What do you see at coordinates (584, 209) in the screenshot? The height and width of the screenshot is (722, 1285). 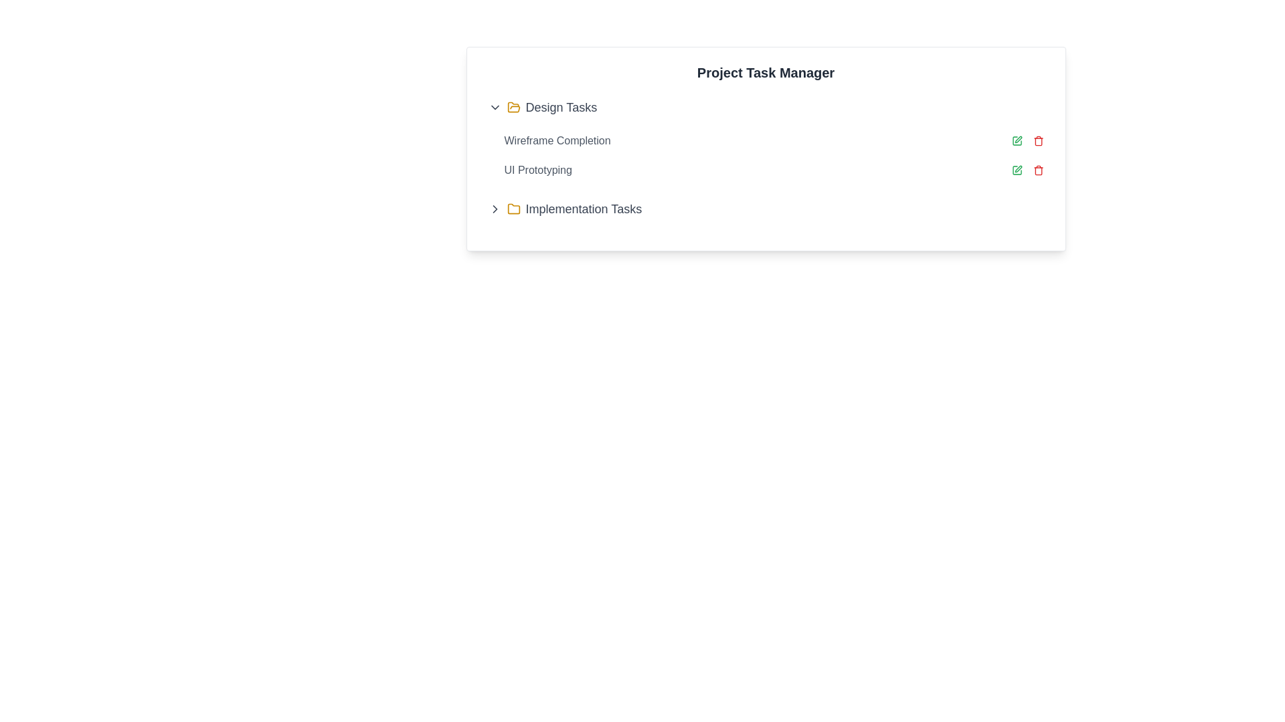 I see `the 'Implementation Tasks' text label, which indicates tasks related to implementation in the task manager` at bounding box center [584, 209].